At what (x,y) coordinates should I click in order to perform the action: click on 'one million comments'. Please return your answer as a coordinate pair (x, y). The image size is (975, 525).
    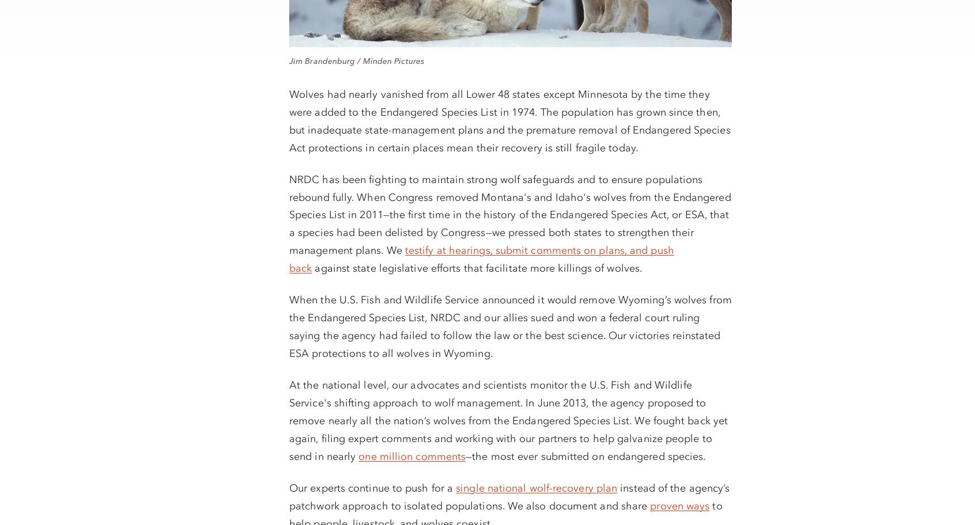
    Looking at the image, I should click on (357, 455).